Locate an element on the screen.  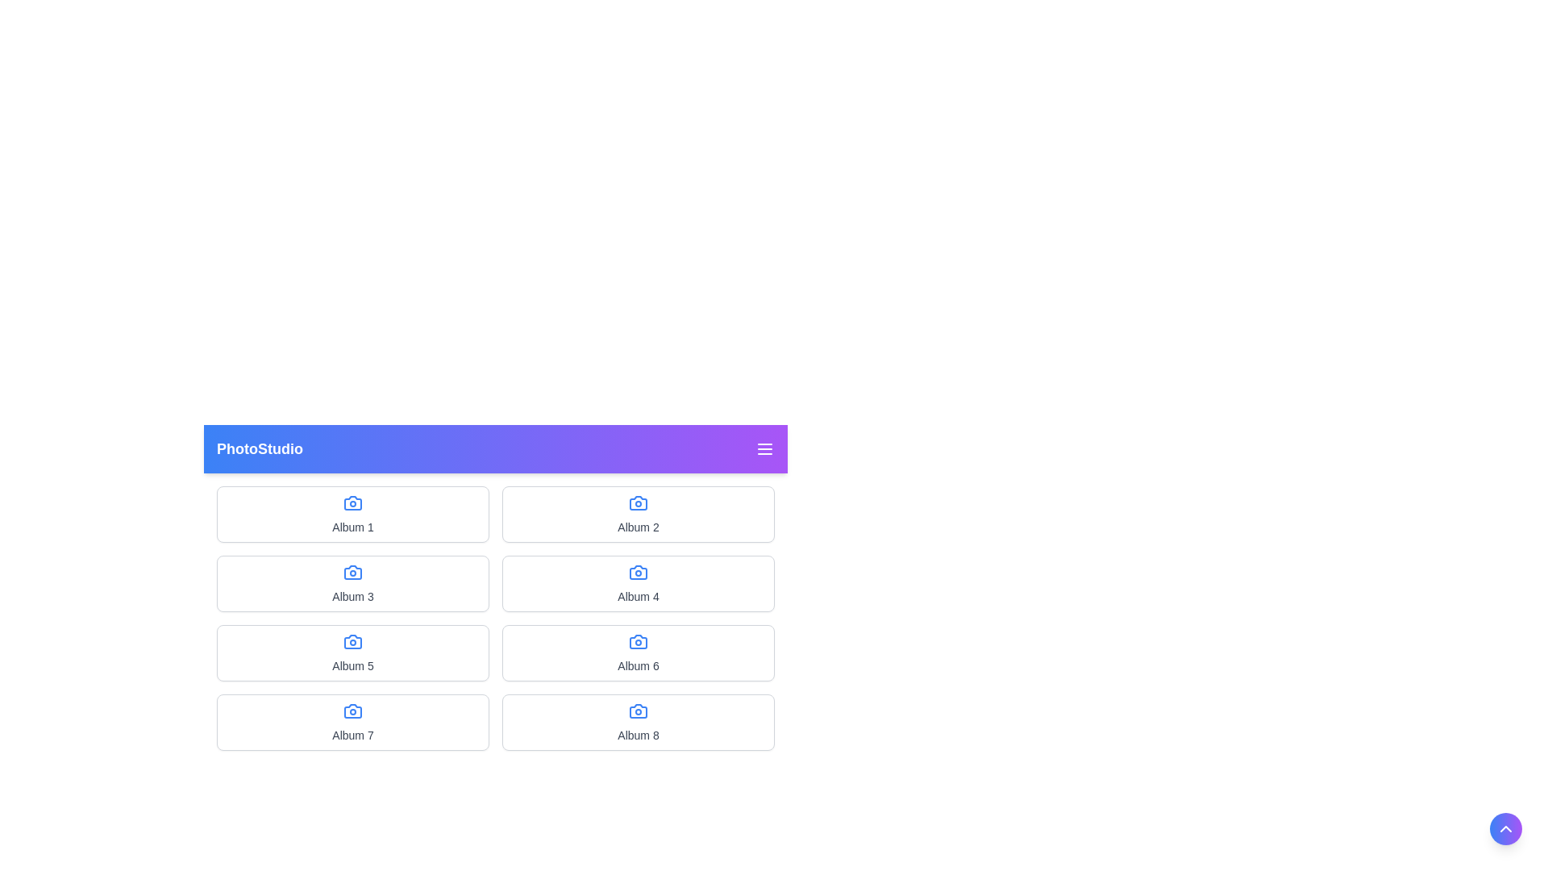
text from the text label that says 'Album 3', which is styled in a small gray font and located under a camera icon in the fourth card of the second row of the grid layout is located at coordinates (352, 597).